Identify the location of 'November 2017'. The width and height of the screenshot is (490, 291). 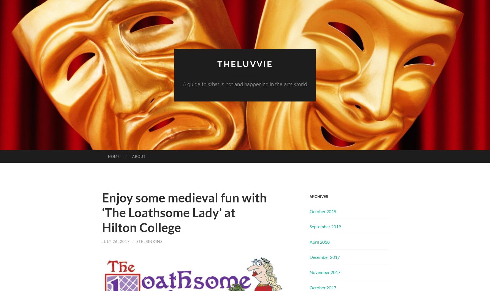
(309, 272).